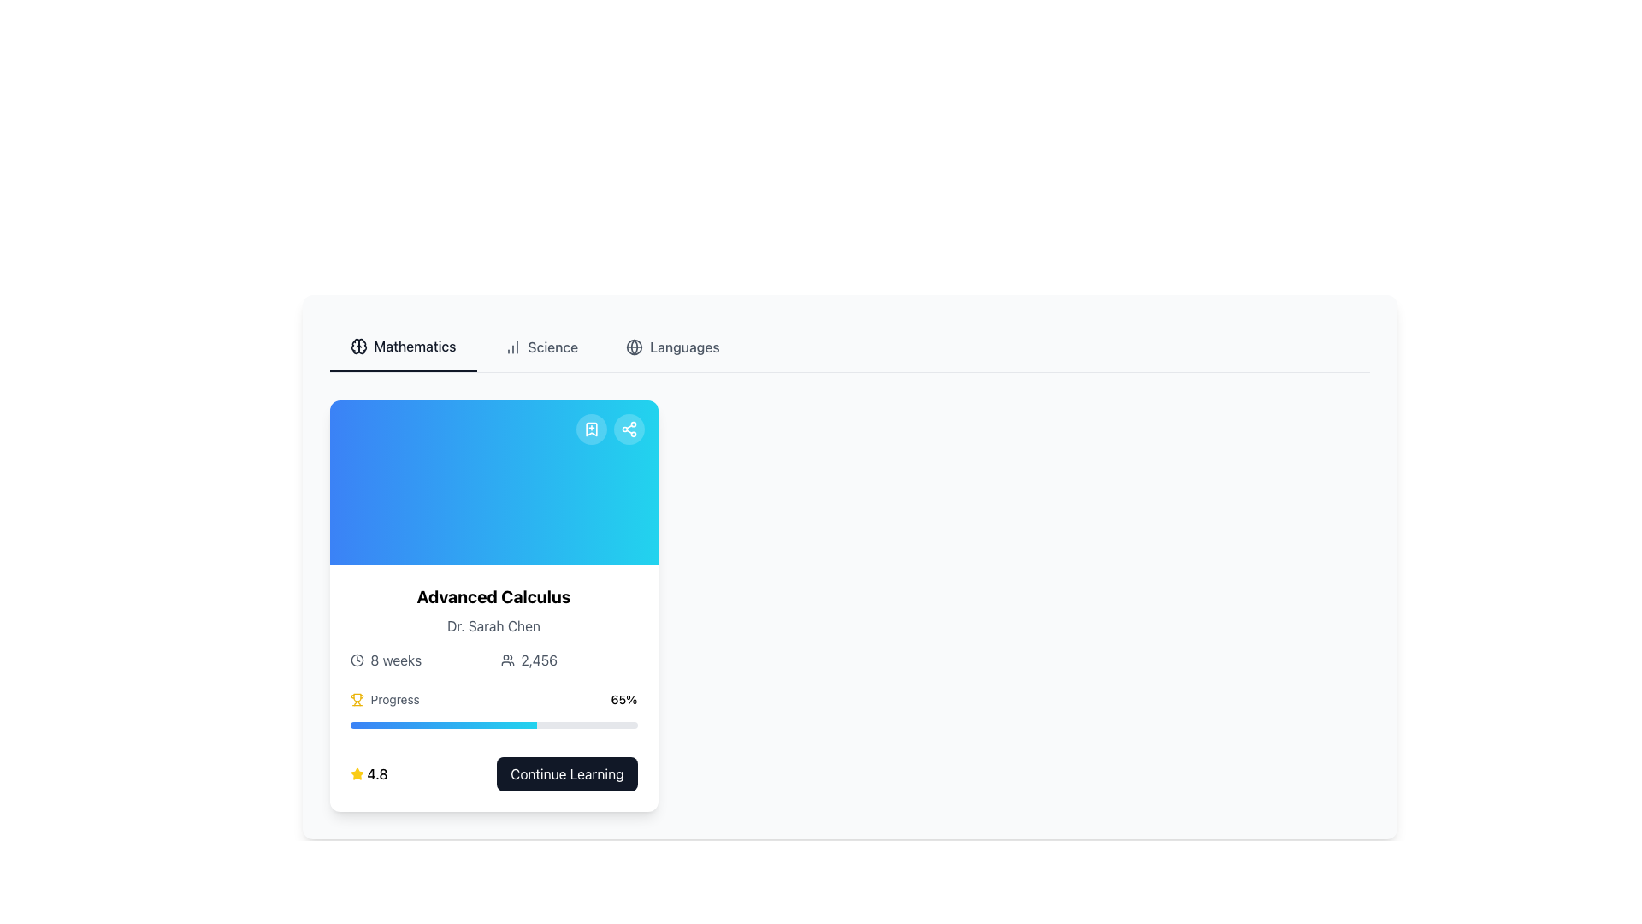  I want to click on the users icon, which is a small outline of two figures side by side, located to the immediate left of the text '2,456' in the statistics display, so click(506, 659).